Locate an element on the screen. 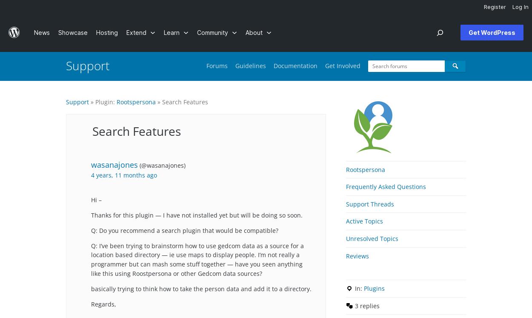 Image resolution: width=532 pixels, height=318 pixels. '(@wasanajones)' is located at coordinates (139, 165).